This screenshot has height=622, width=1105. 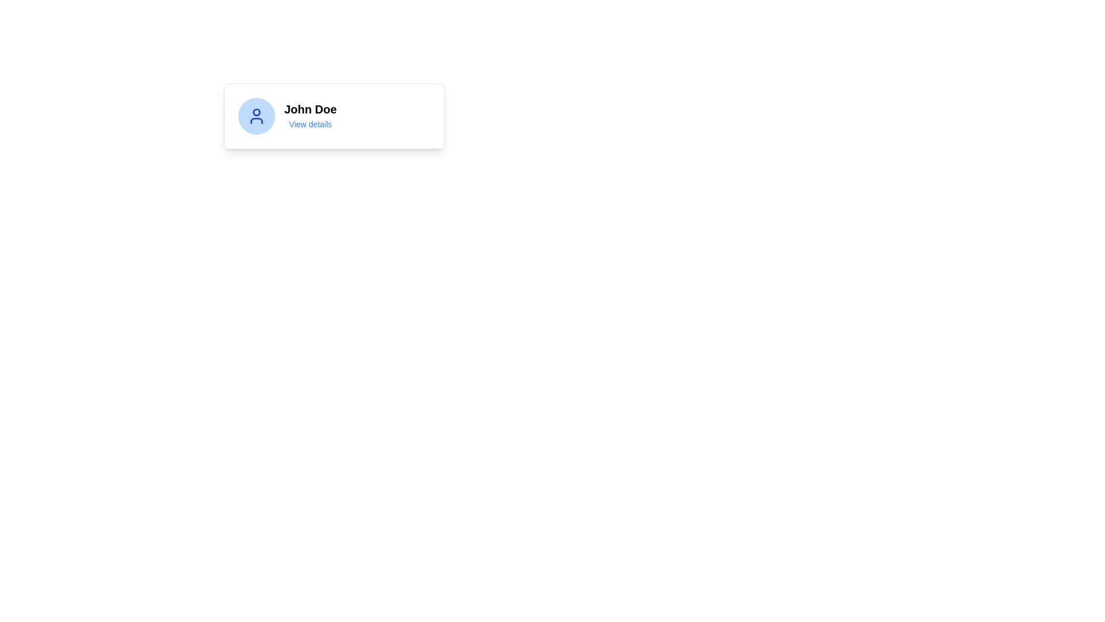 What do you see at coordinates (256, 116) in the screenshot?
I see `the circular avatar element with a blue background containing a user icon, located at the beginning of a horizontal card-like section` at bounding box center [256, 116].